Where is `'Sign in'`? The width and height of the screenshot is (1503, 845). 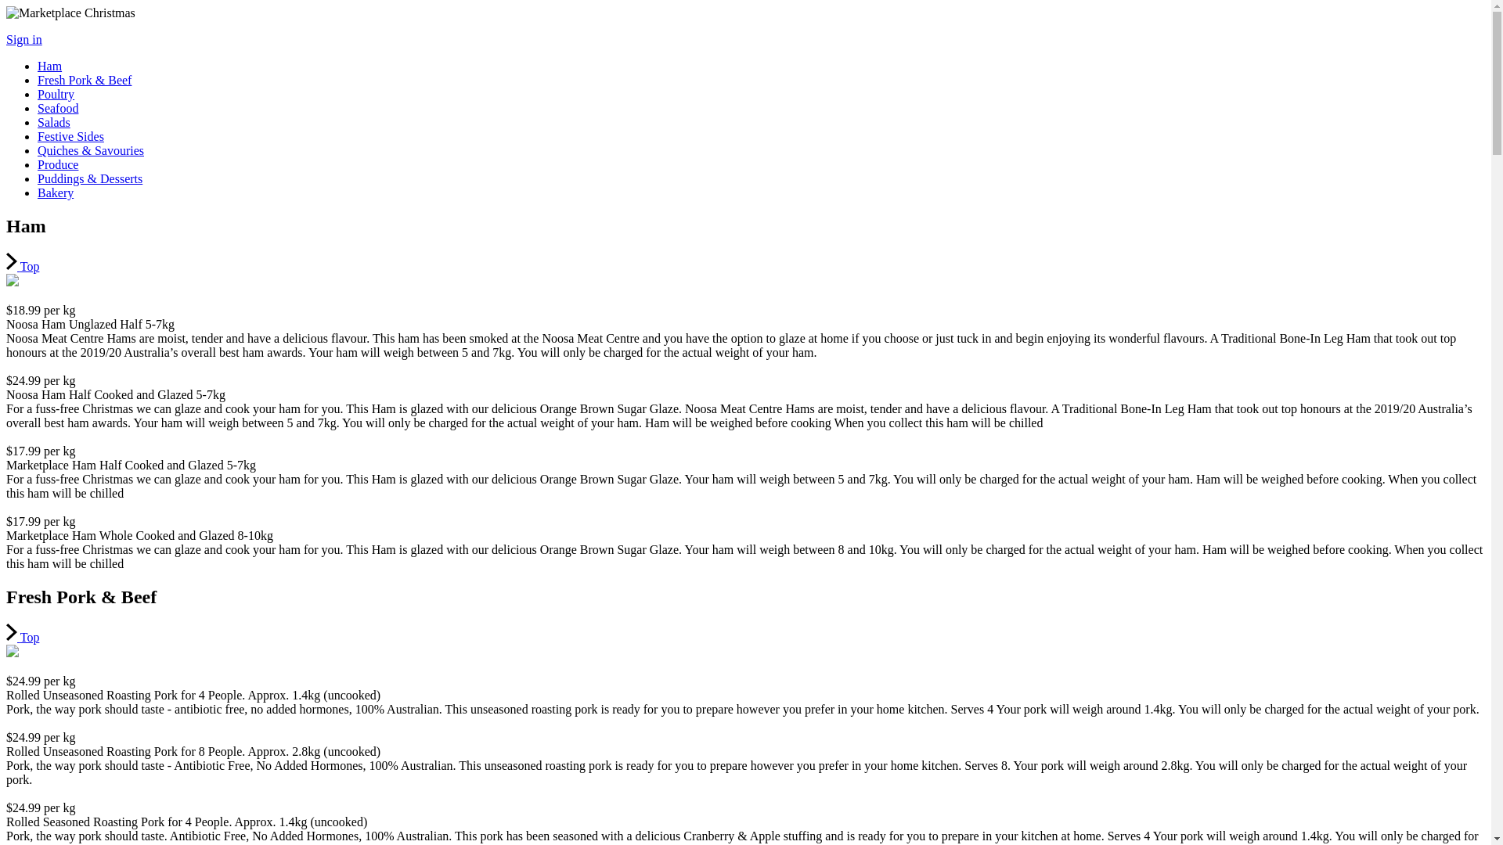 'Sign in' is located at coordinates (23, 38).